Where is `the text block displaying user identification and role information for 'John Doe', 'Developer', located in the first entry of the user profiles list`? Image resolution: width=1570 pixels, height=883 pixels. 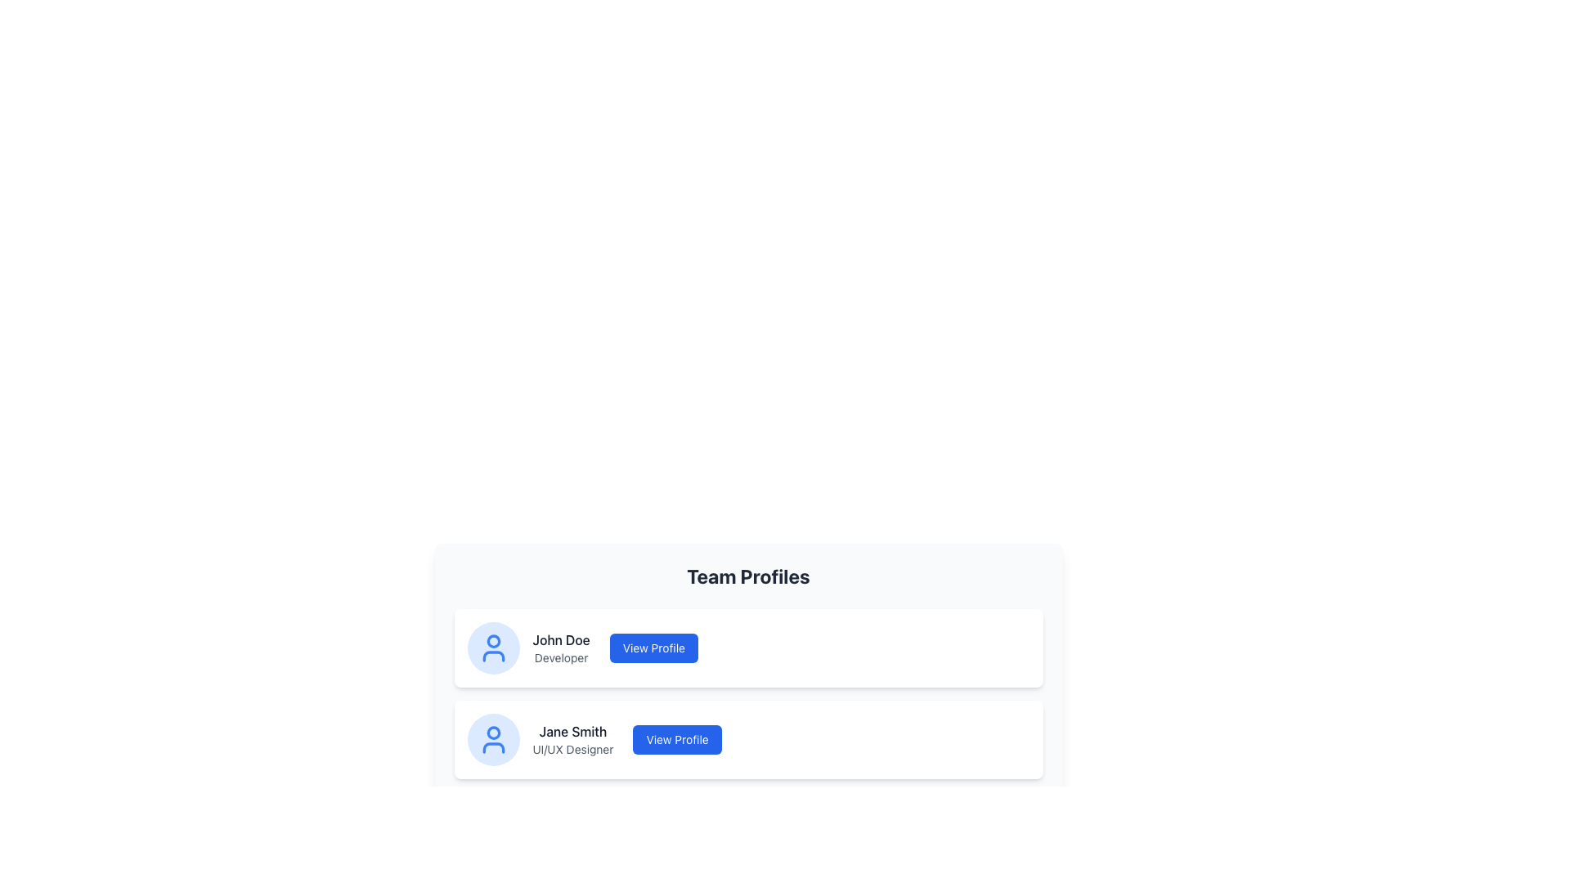 the text block displaying user identification and role information for 'John Doe', 'Developer', located in the first entry of the user profiles list is located at coordinates (561, 648).